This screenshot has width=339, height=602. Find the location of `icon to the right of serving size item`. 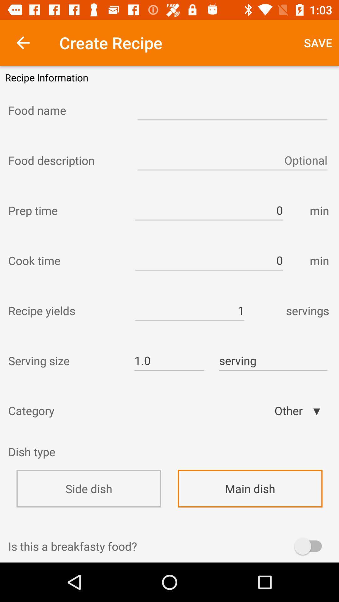

icon to the right of serving size item is located at coordinates (169, 361).